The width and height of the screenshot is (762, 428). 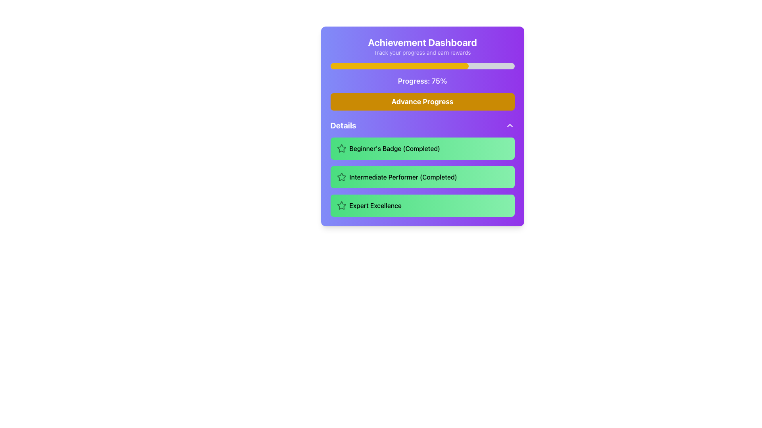 What do you see at coordinates (341, 148) in the screenshot?
I see `the pulsating animation of the star-shaped icon located to the left of the text 'Beginner's Badge (Completed)' on a green background` at bounding box center [341, 148].